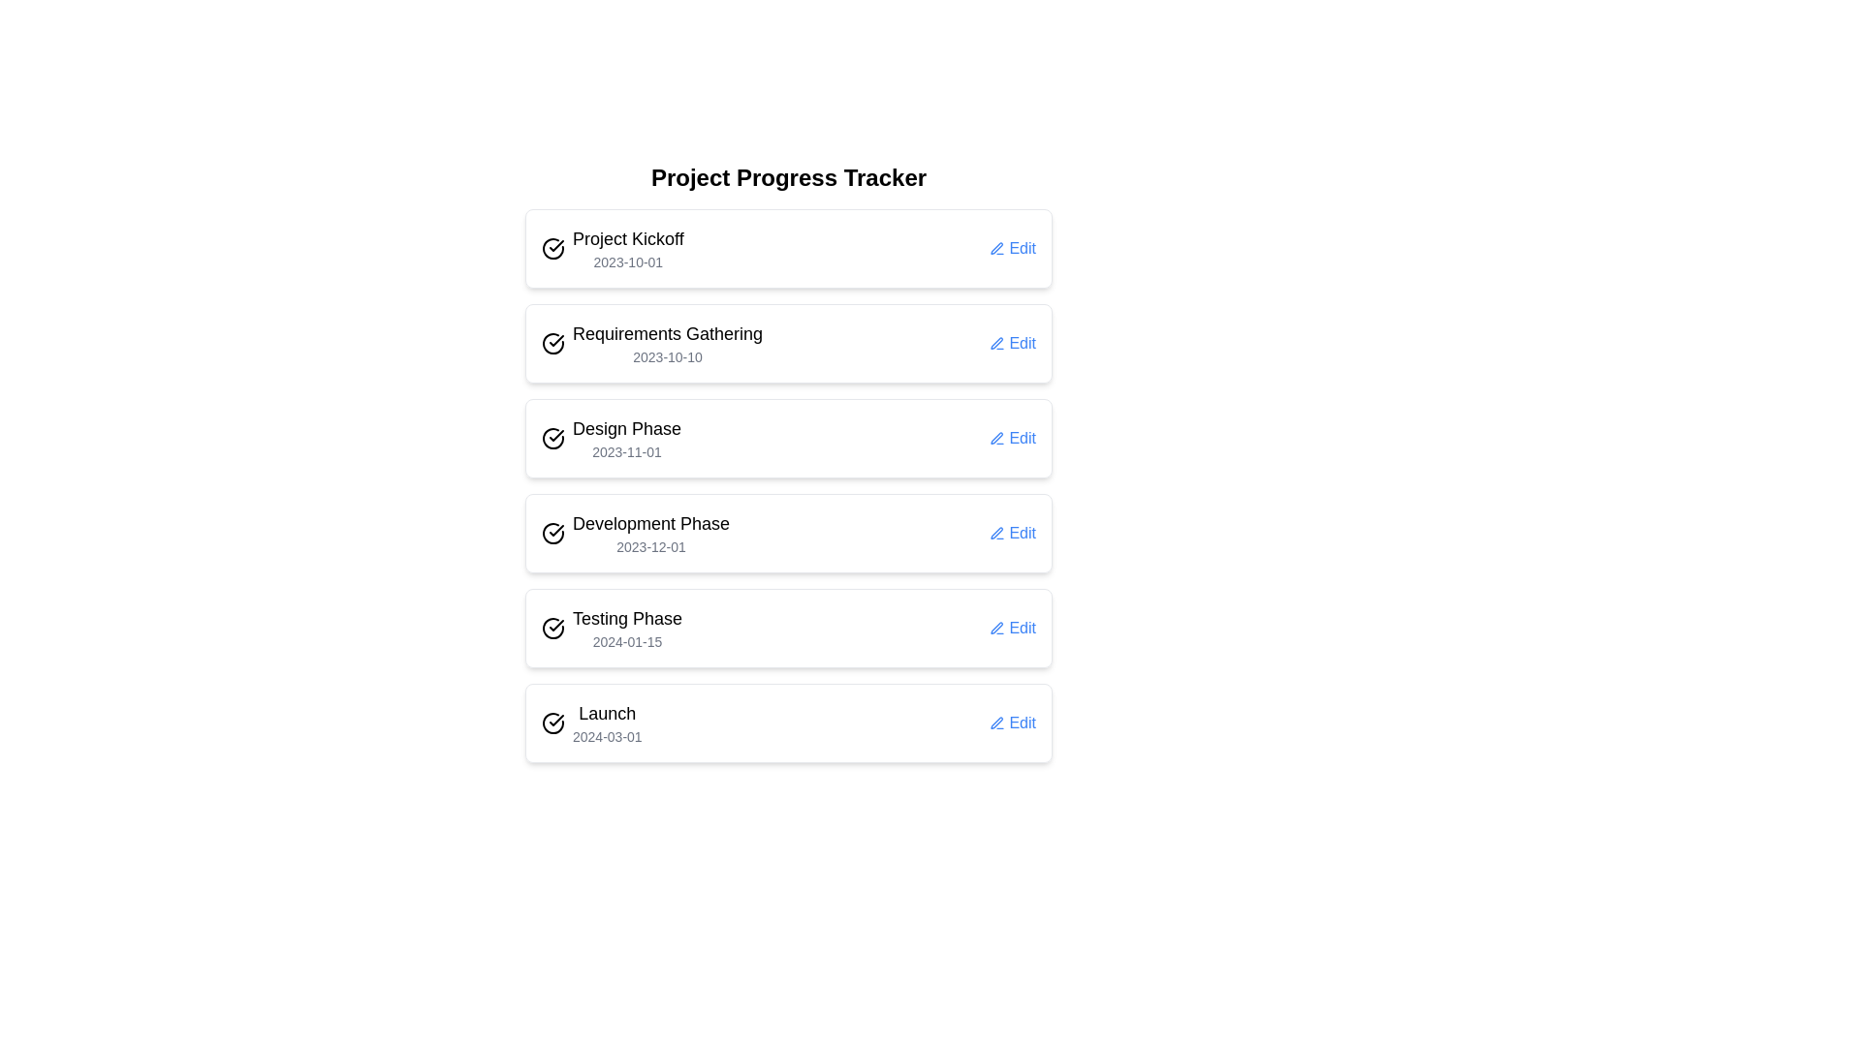 The height and width of the screenshot is (1046, 1861). I want to click on the text label that serves as a title for the associated task in the project management timeline, located between 'Requirements Gathering' and 'Development Phase', so click(627, 428).